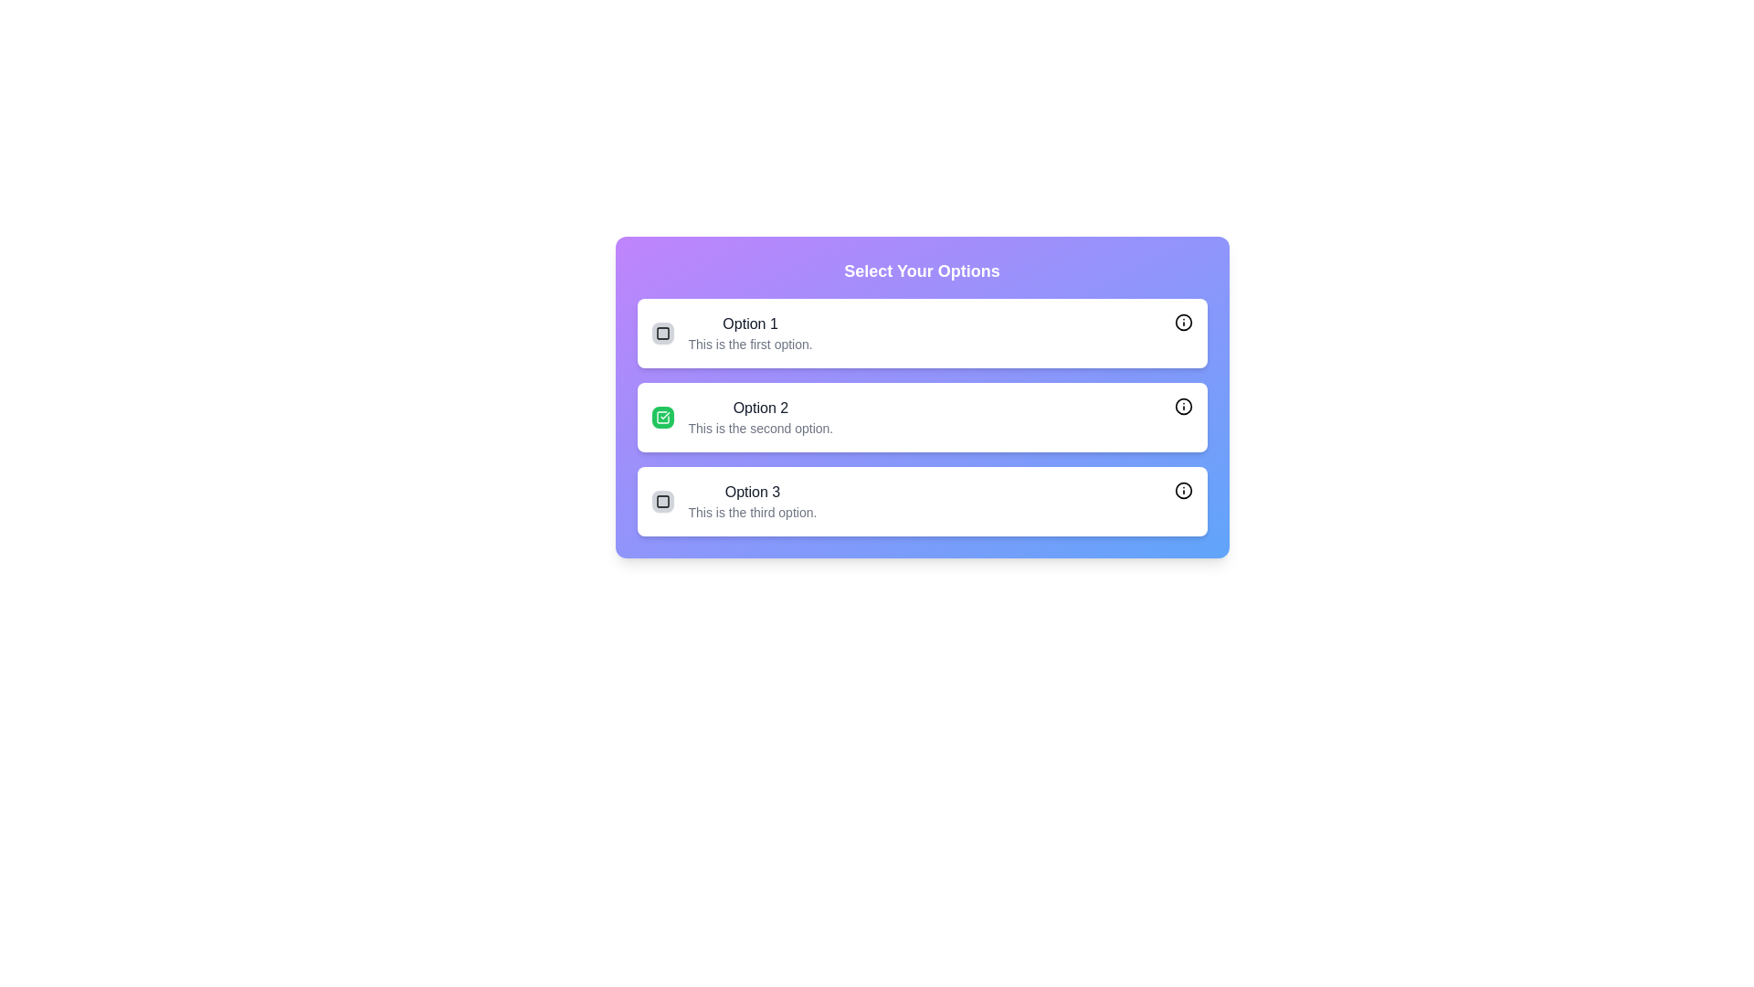 The image size is (1754, 987). Describe the element at coordinates (760, 429) in the screenshot. I see `the static text element that contains the sentence 'This is the second option.' located below the 'Option 2' label in the second option box` at that location.